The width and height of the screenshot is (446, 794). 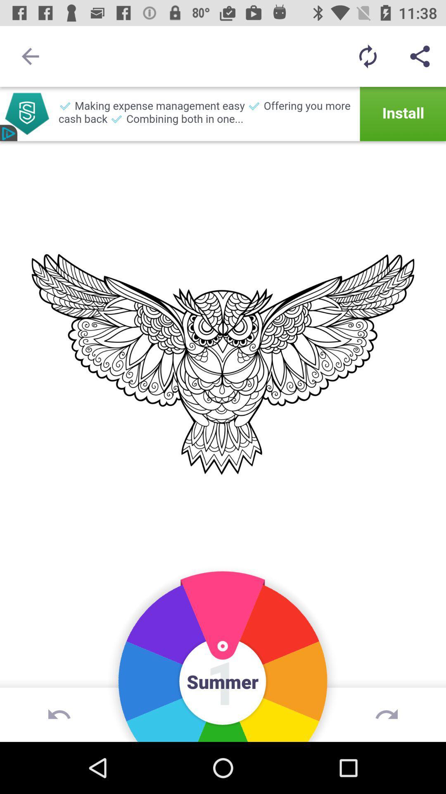 What do you see at coordinates (387, 714) in the screenshot?
I see `the redo icon` at bounding box center [387, 714].